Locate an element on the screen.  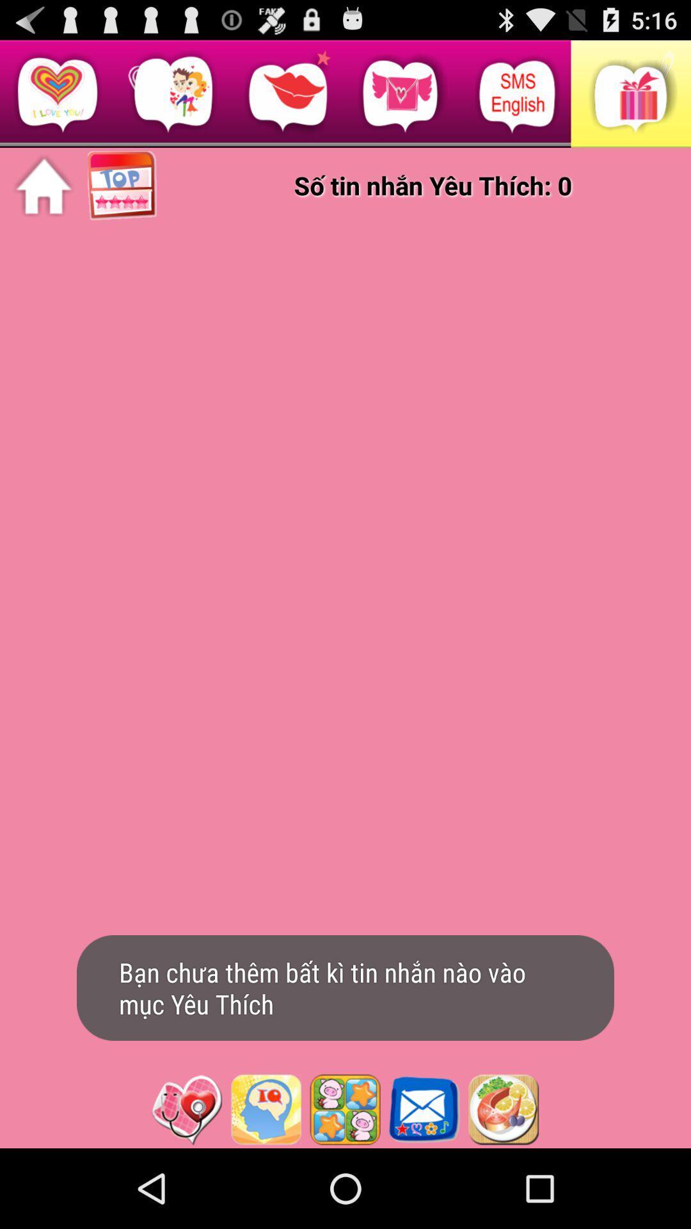
open new app is located at coordinates (265, 1109).